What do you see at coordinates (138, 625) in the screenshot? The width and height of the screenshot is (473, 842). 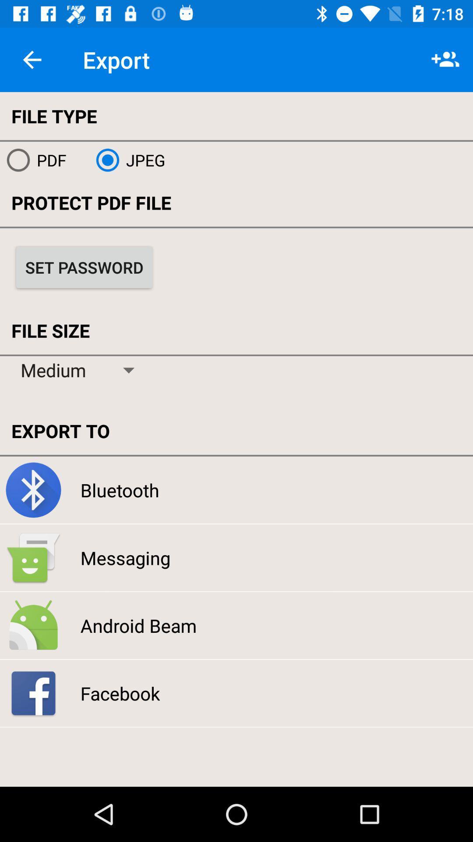 I see `the icon above facebook icon` at bounding box center [138, 625].